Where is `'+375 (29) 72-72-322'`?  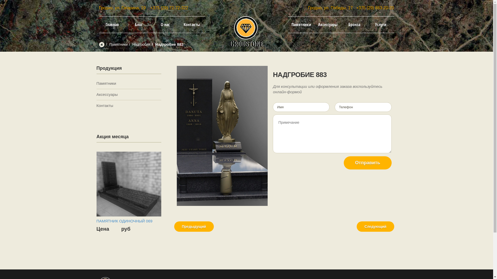
'+375 (29) 72-72-322' is located at coordinates (169, 8).